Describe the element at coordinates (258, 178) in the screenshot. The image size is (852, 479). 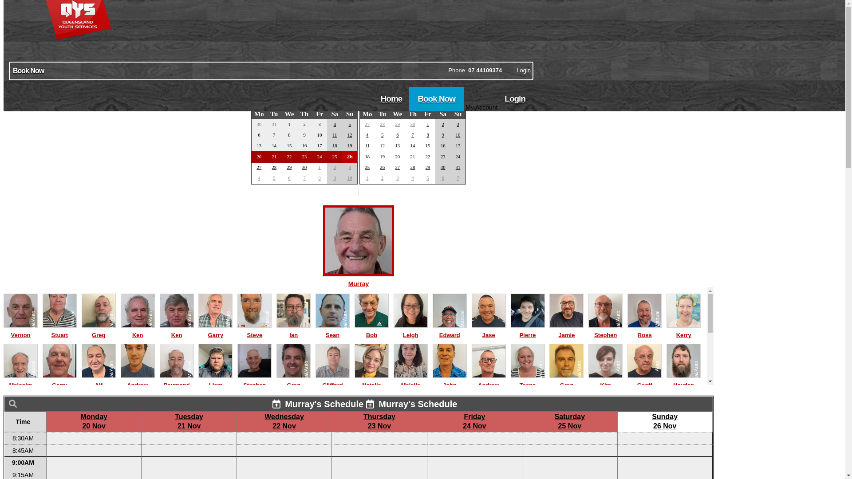
I see `'4'` at that location.